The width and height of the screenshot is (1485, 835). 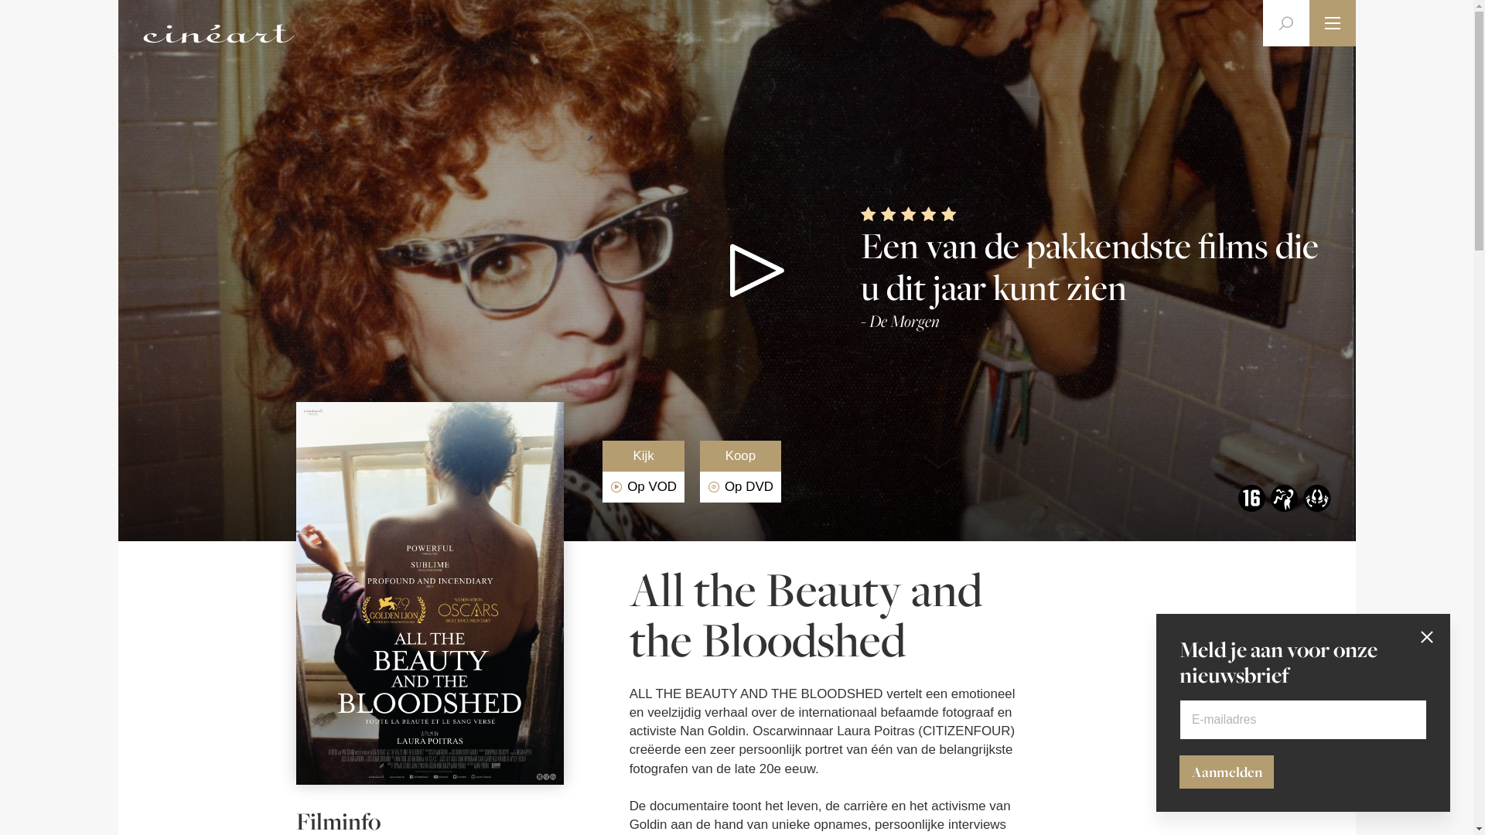 I want to click on 'Aanmelden', so click(x=1225, y=772).